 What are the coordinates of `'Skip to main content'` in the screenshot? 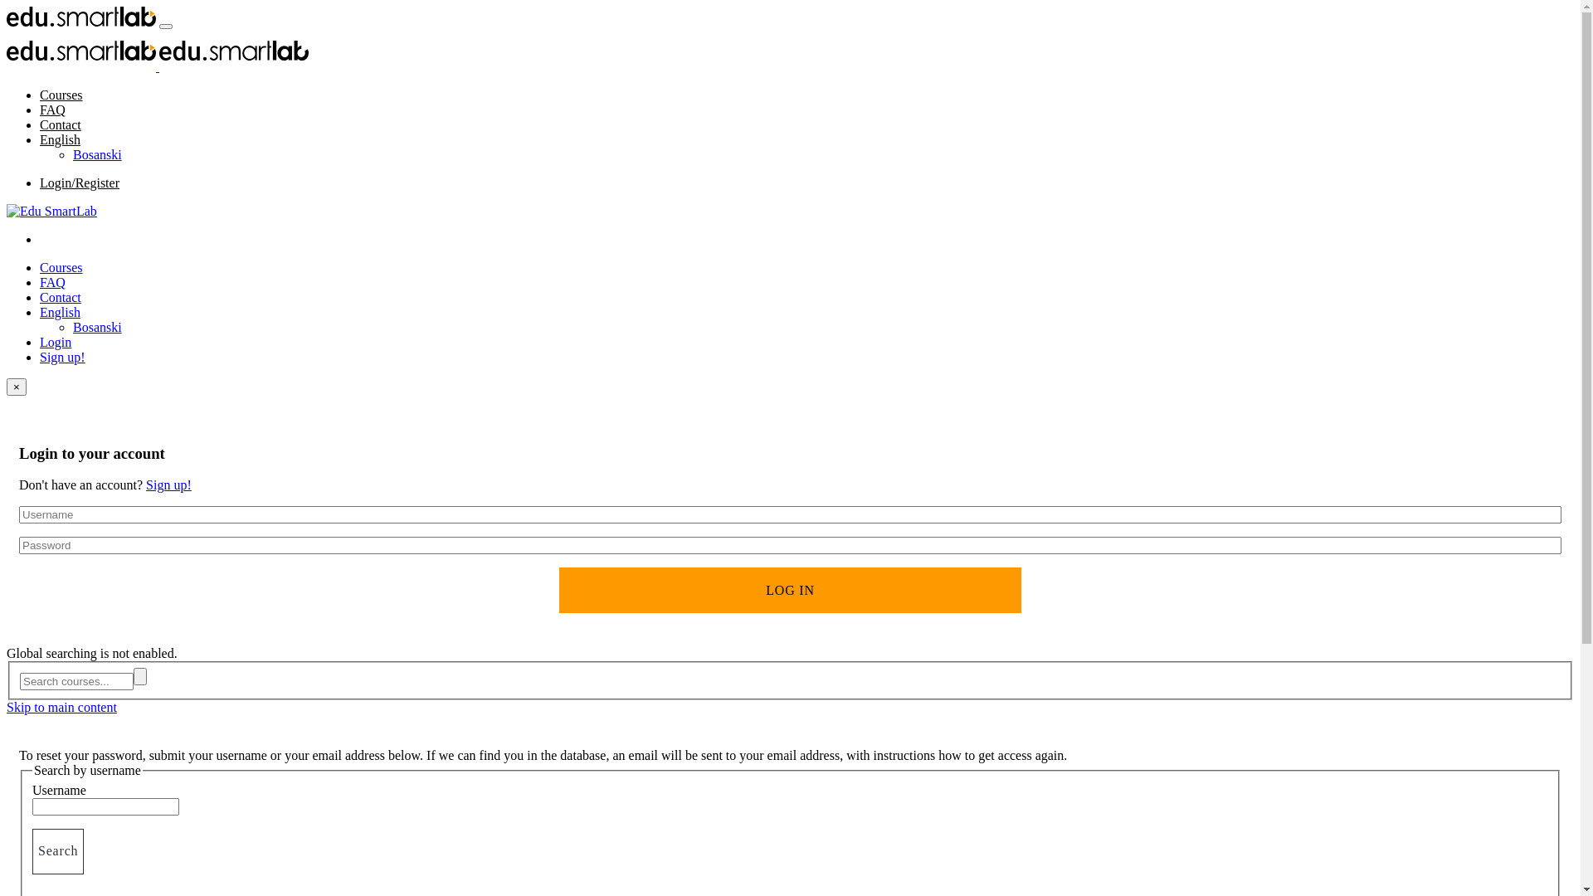 It's located at (61, 707).